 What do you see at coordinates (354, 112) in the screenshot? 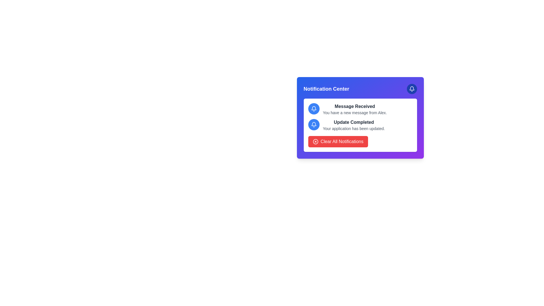
I see `the Text label that informs the user about a new message received from Alex, located under the heading 'Message Received' in the notification card` at bounding box center [354, 112].